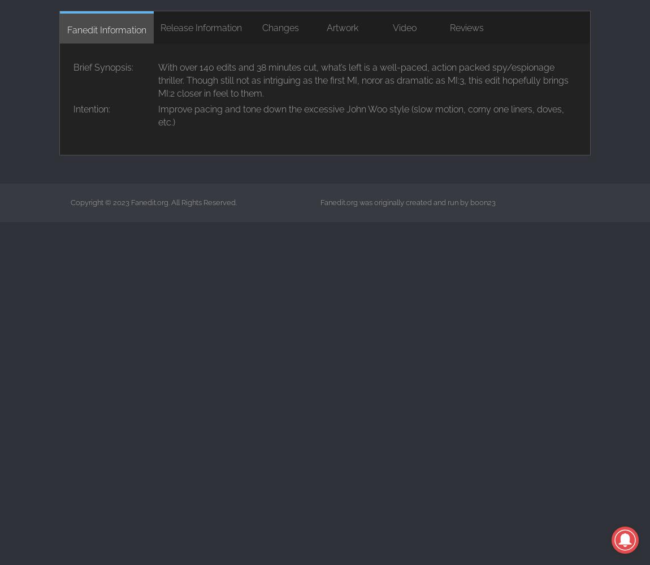 The height and width of the screenshot is (565, 650). What do you see at coordinates (149, 201) in the screenshot?
I see `'Fanedit.org'` at bounding box center [149, 201].